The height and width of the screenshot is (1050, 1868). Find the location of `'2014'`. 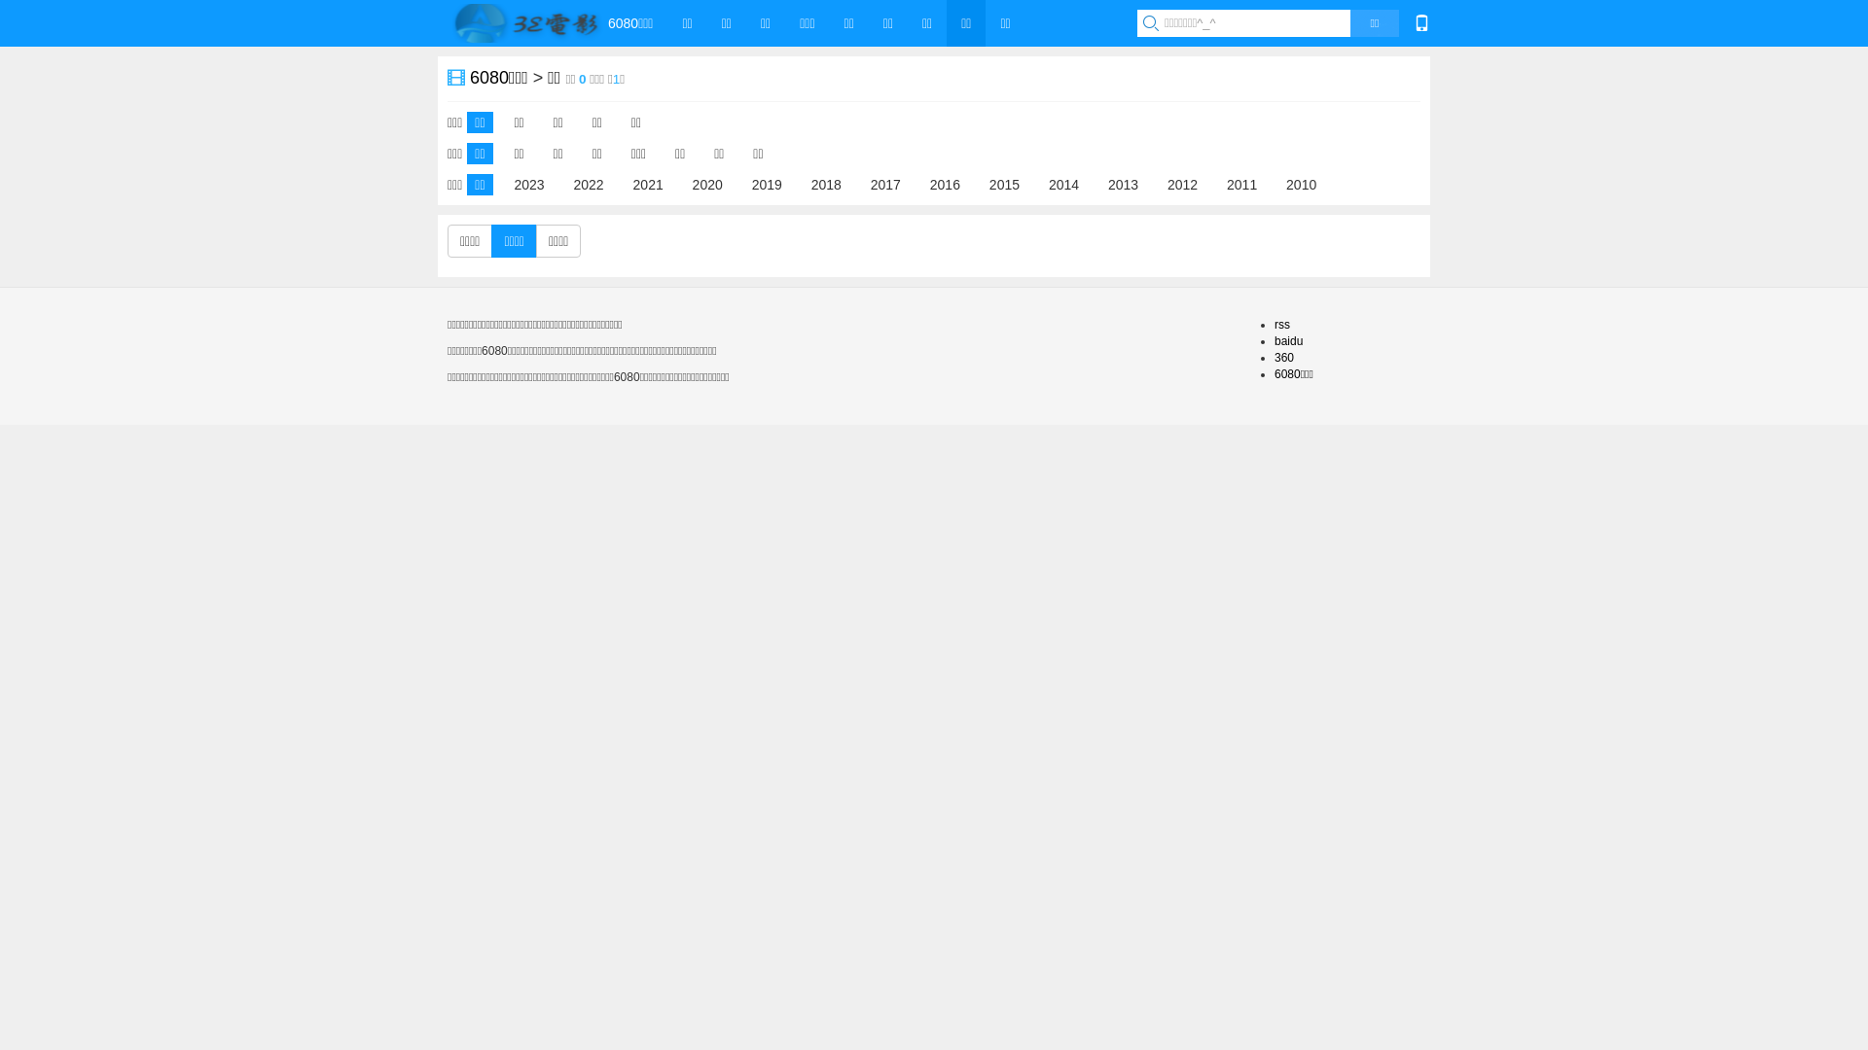

'2014' is located at coordinates (1062, 184).